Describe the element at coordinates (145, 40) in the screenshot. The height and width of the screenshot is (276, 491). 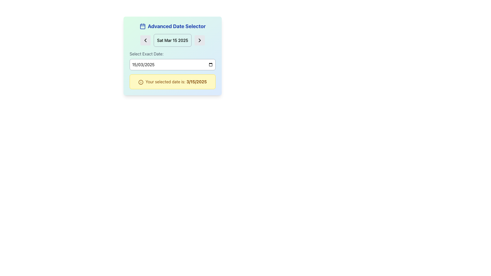
I see `the left-pointing chevron arrow icon within the circular button` at that location.